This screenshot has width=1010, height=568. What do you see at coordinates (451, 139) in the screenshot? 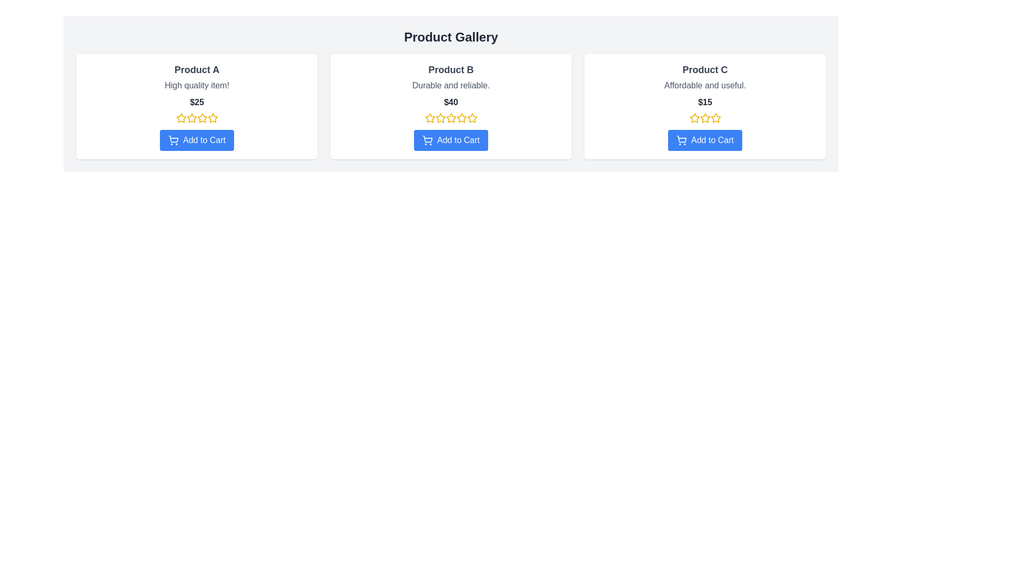
I see `the blue rectangular button with rounded corners labeled 'Add to Cart'` at bounding box center [451, 139].